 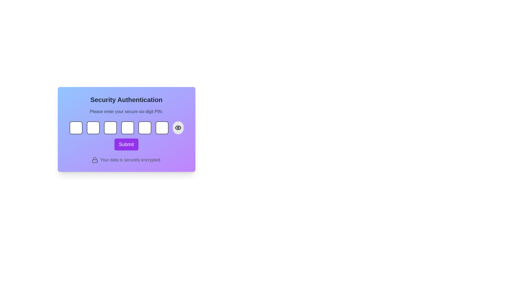 What do you see at coordinates (178, 128) in the screenshot?
I see `the visibility toggle icon located within the rounded button on the right side of the PIN input fields` at bounding box center [178, 128].